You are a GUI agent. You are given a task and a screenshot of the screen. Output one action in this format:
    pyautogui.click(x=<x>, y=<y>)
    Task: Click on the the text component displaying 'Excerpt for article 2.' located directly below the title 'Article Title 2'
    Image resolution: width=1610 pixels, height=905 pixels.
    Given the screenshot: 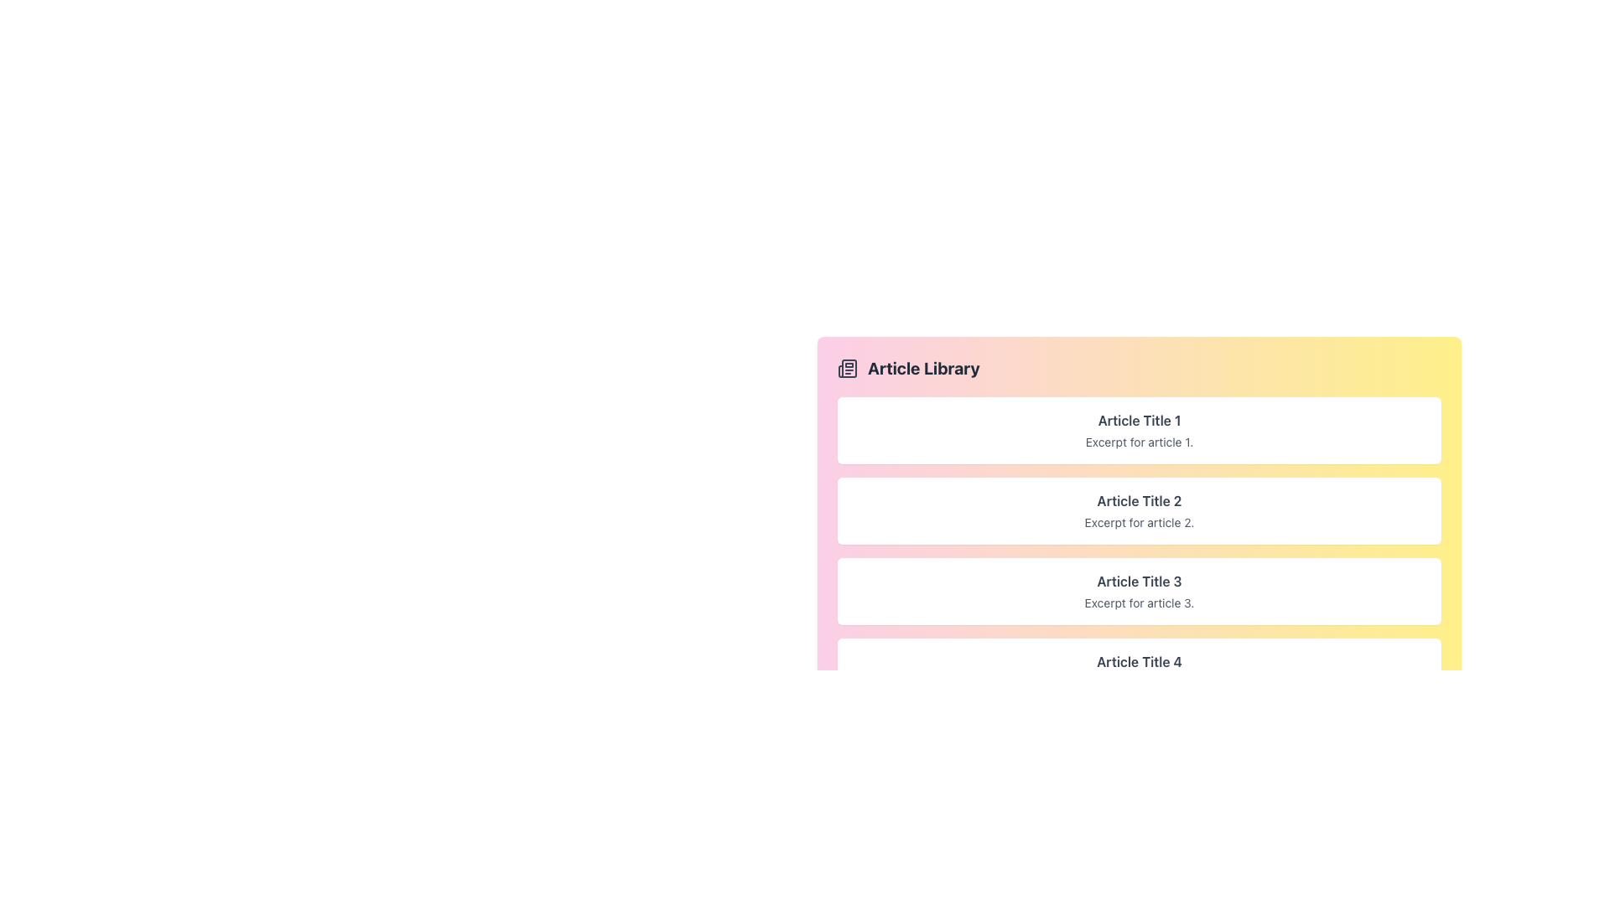 What is the action you would take?
    pyautogui.click(x=1139, y=522)
    